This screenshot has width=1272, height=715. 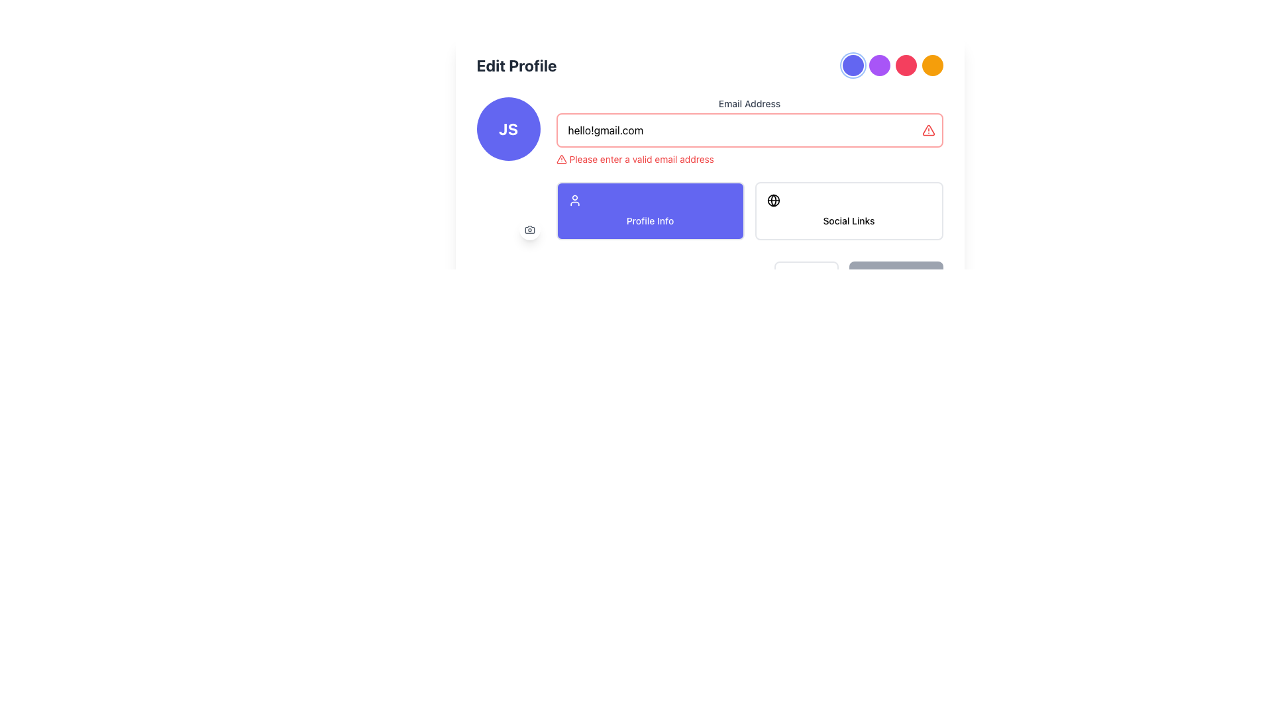 What do you see at coordinates (529, 229) in the screenshot?
I see `small camera icon located near the left of the 'Edit Profile' interface, below the circular user avatar indication` at bounding box center [529, 229].